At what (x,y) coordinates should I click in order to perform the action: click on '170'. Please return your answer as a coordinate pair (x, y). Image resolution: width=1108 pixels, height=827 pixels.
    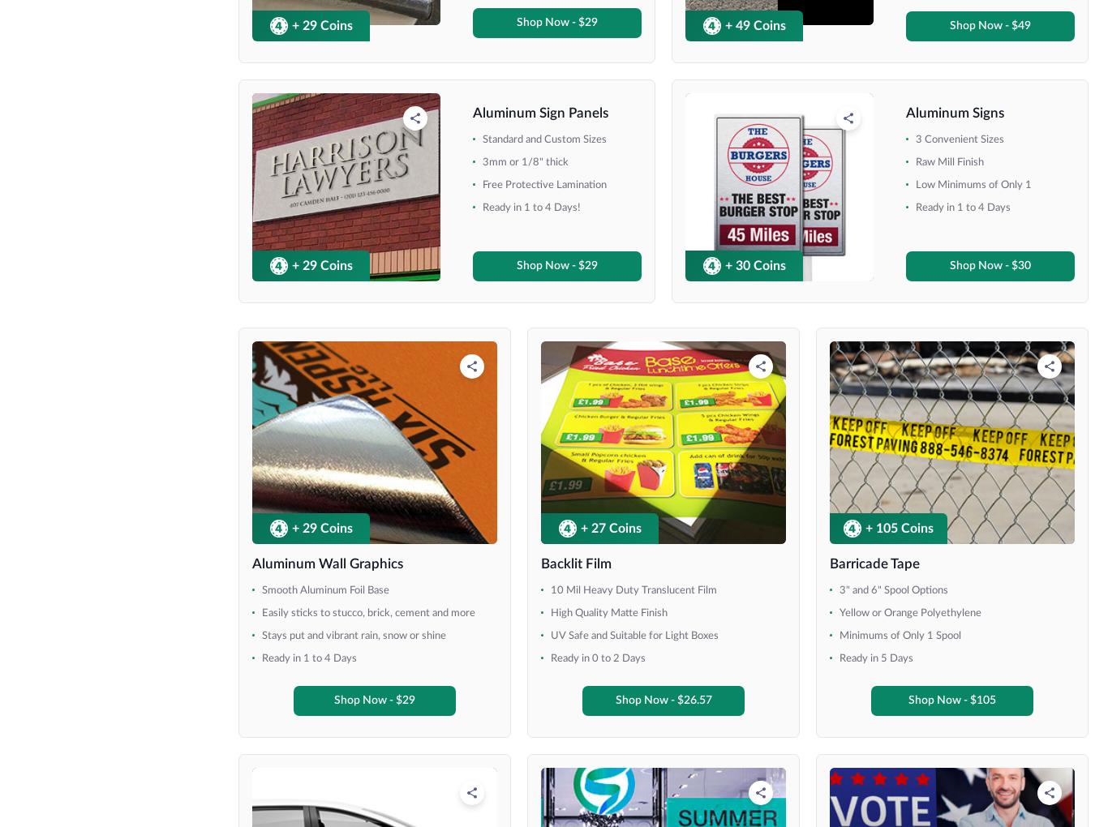
    Looking at the image, I should click on (598, 27).